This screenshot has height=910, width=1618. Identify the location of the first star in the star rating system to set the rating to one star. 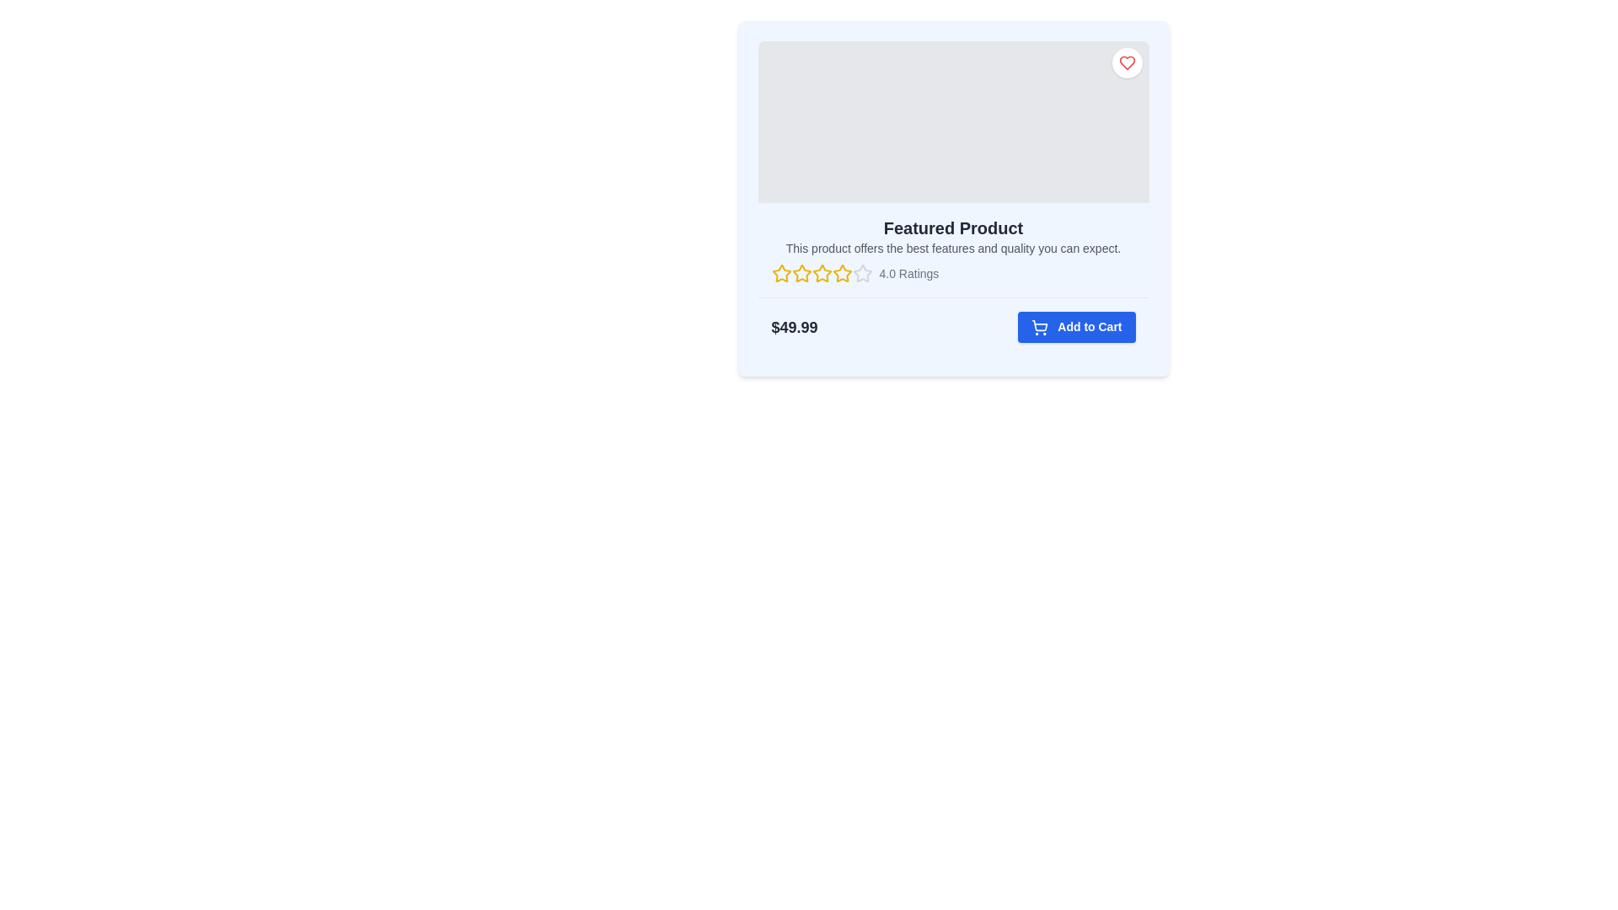
(780, 272).